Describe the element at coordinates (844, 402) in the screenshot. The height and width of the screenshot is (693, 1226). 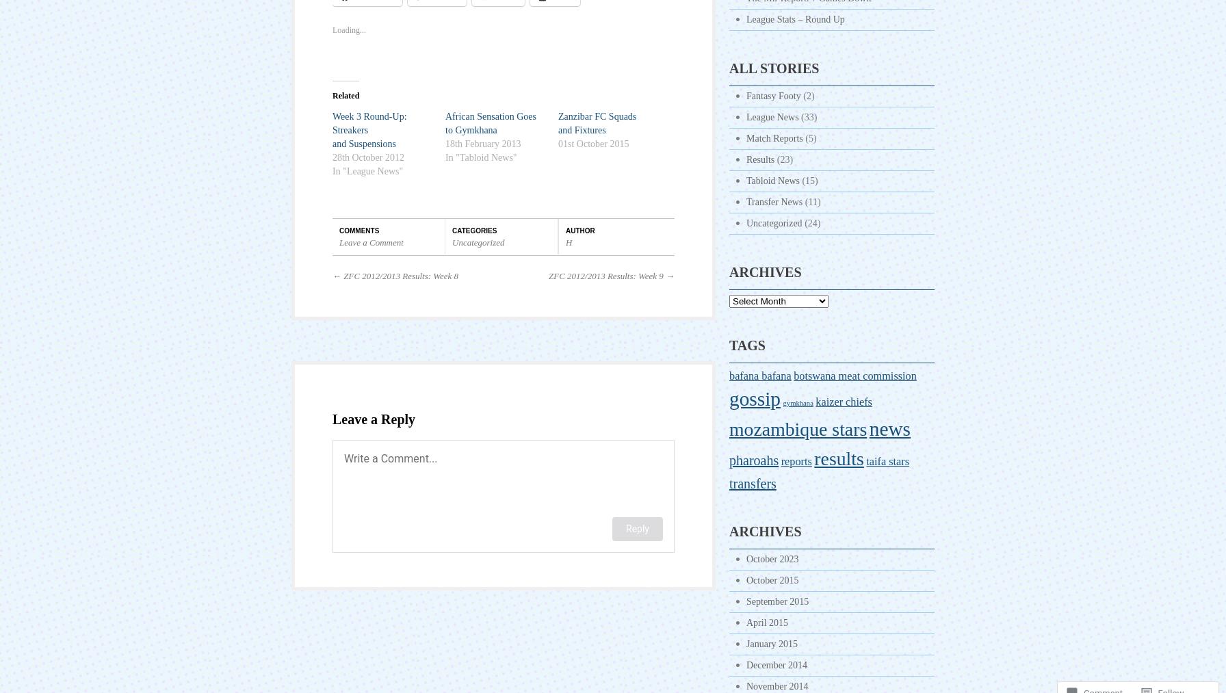
I see `'kaizer chiefs'` at that location.